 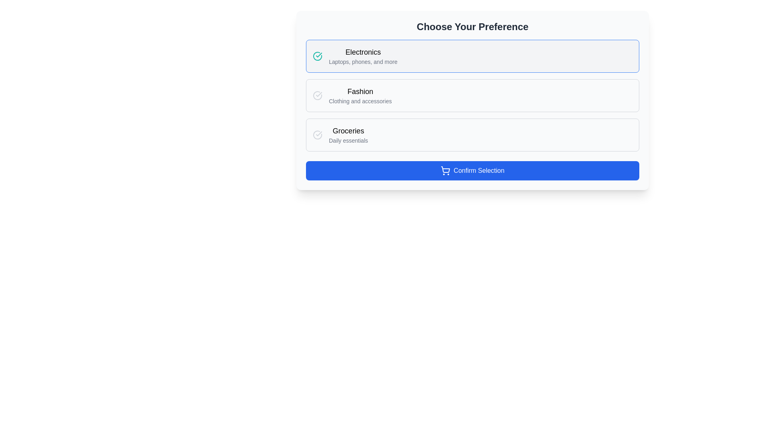 What do you see at coordinates (472, 170) in the screenshot?
I see `blue button with rounded corners labeled 'Confirm Selection', located at the bottom of the 'Choose Your Preference' card` at bounding box center [472, 170].